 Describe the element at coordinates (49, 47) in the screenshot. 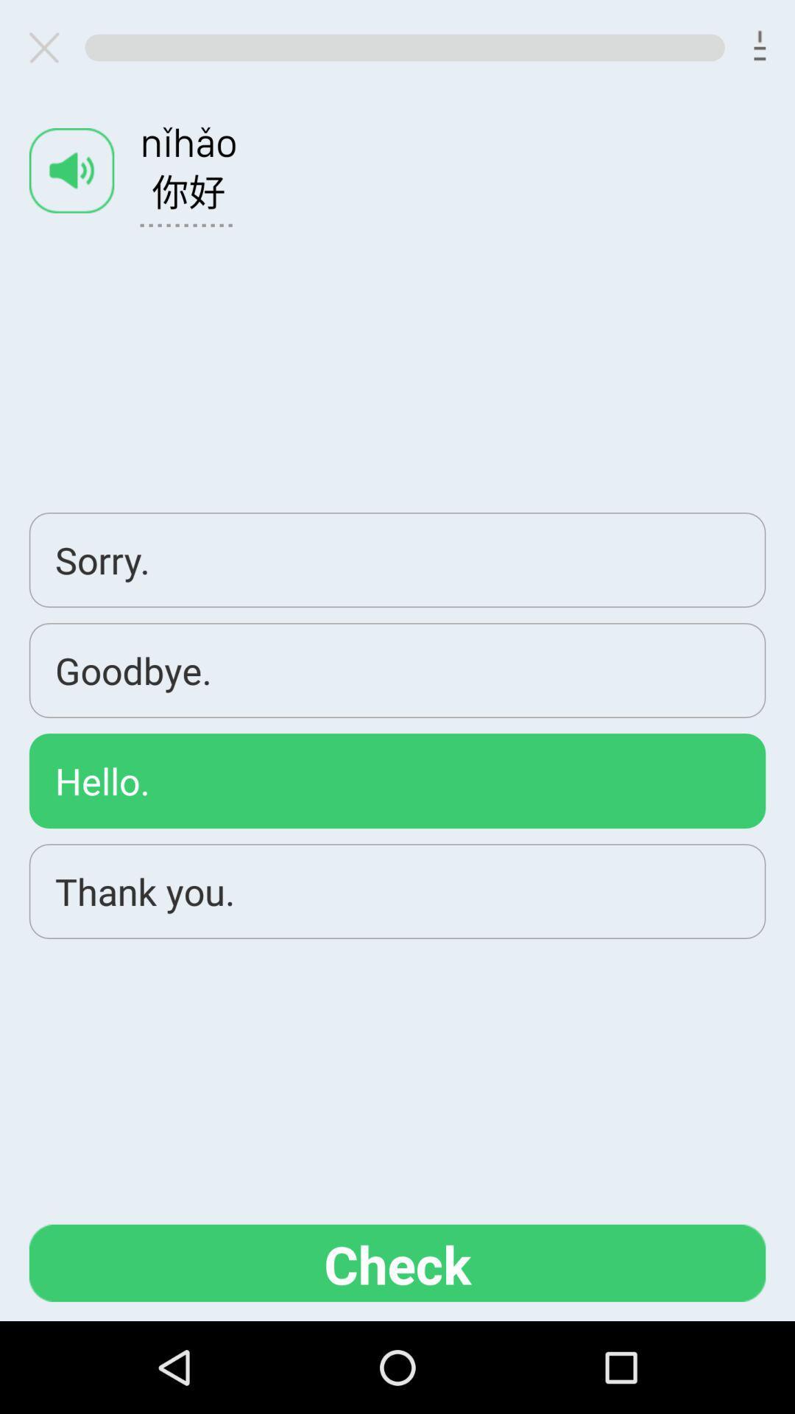

I see `windows` at that location.